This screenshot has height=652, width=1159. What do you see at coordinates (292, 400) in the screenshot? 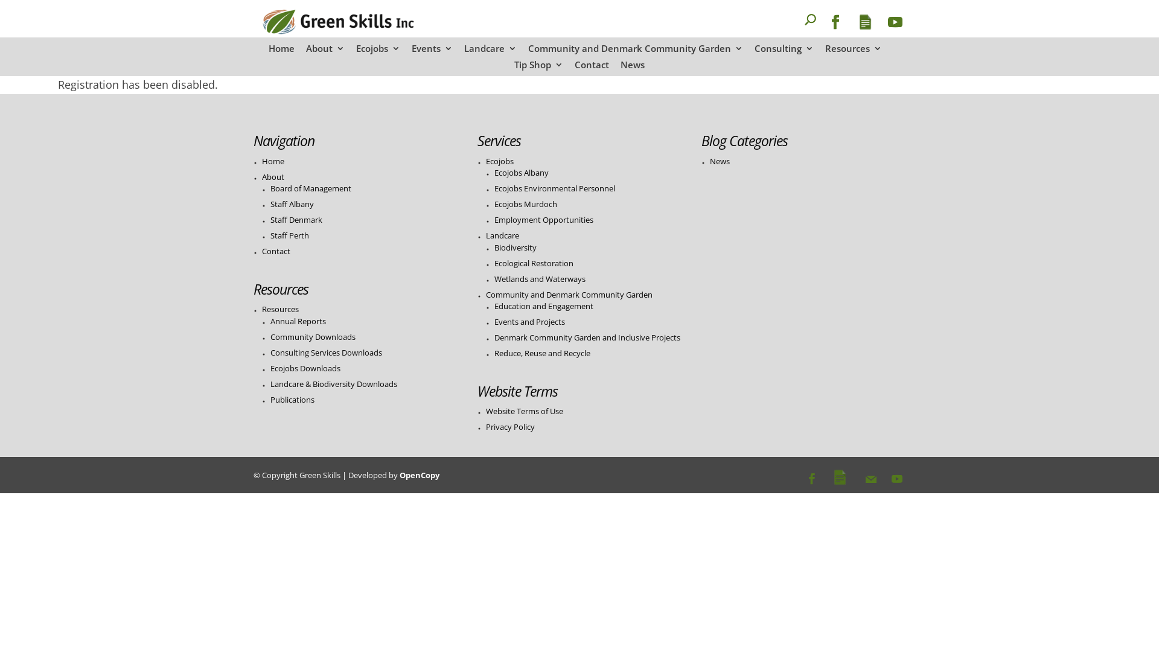
I see `'Publications'` at bounding box center [292, 400].